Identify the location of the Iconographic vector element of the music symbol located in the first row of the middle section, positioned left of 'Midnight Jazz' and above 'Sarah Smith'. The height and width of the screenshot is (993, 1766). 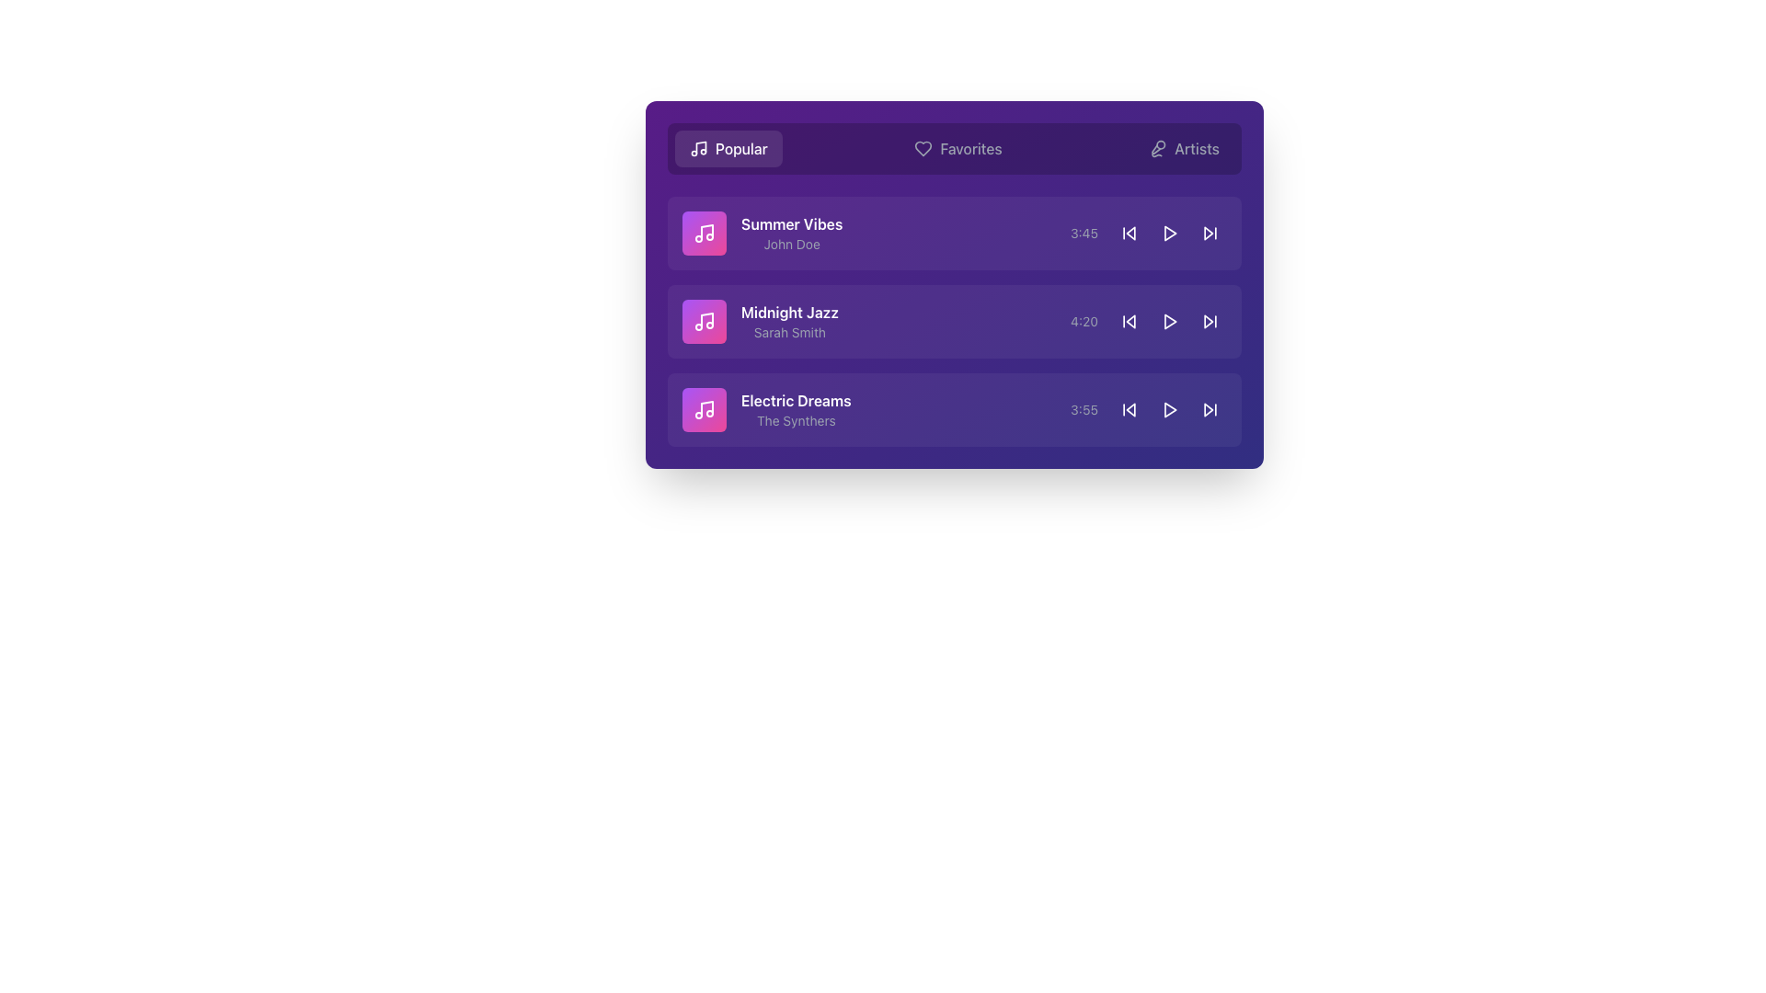
(705, 319).